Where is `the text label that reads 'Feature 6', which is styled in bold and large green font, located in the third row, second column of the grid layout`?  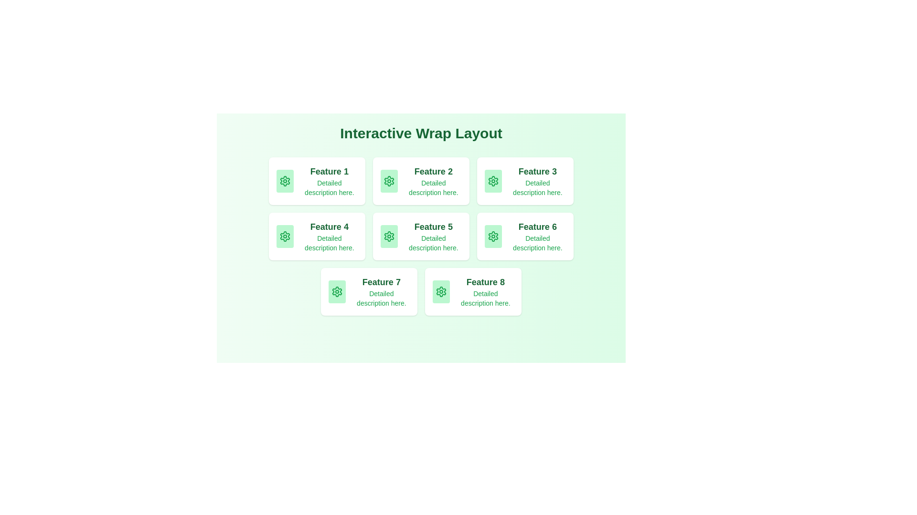
the text label that reads 'Feature 6', which is styled in bold and large green font, located in the third row, second column of the grid layout is located at coordinates (537, 227).